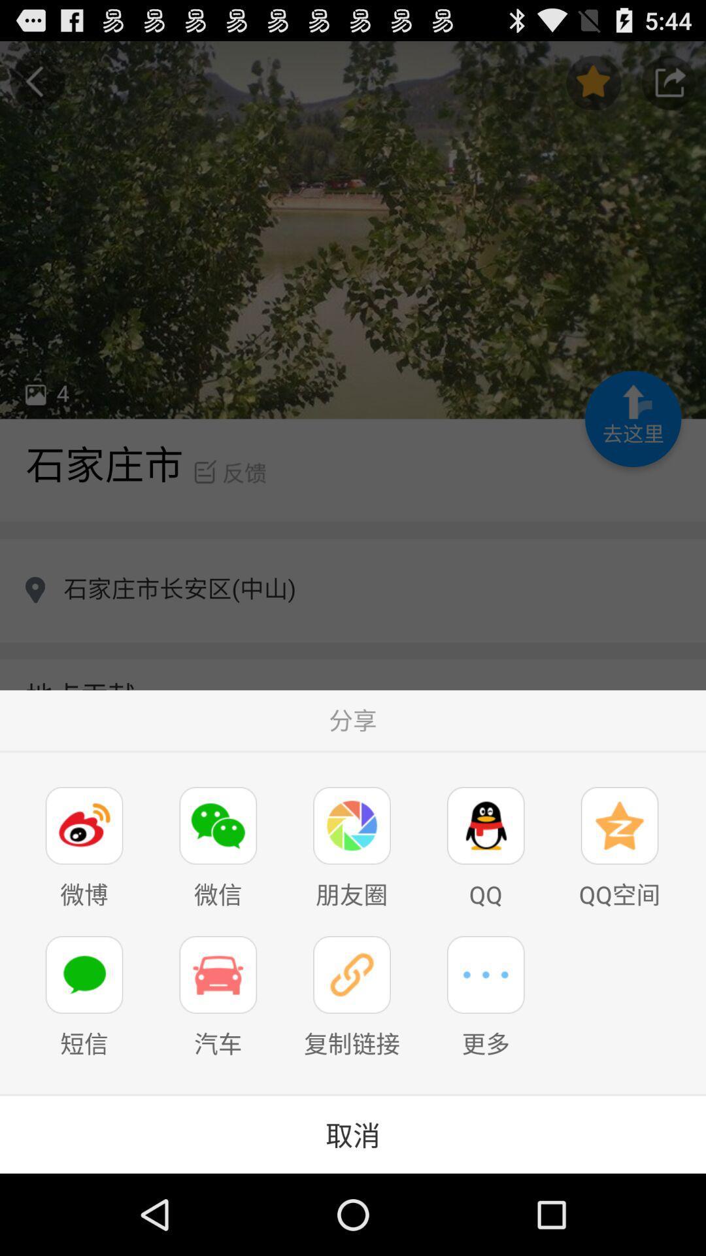  I want to click on the third icon from left beside penguin icon, so click(351, 825).